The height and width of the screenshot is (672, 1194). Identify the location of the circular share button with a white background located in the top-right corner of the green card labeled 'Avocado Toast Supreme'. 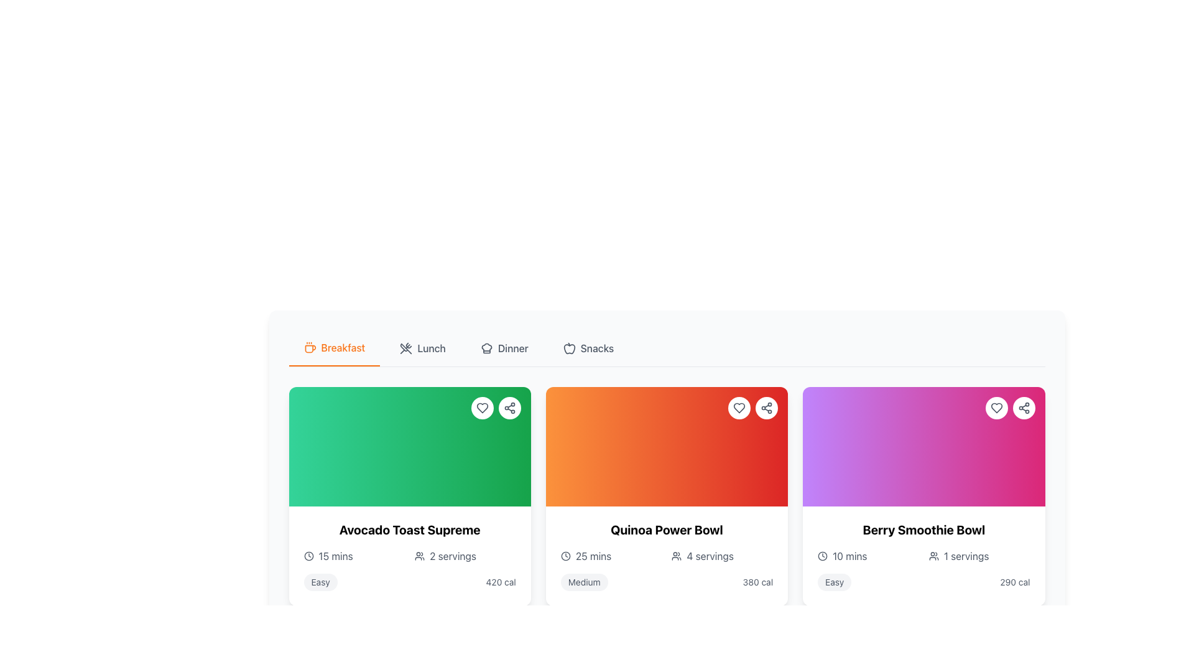
(509, 408).